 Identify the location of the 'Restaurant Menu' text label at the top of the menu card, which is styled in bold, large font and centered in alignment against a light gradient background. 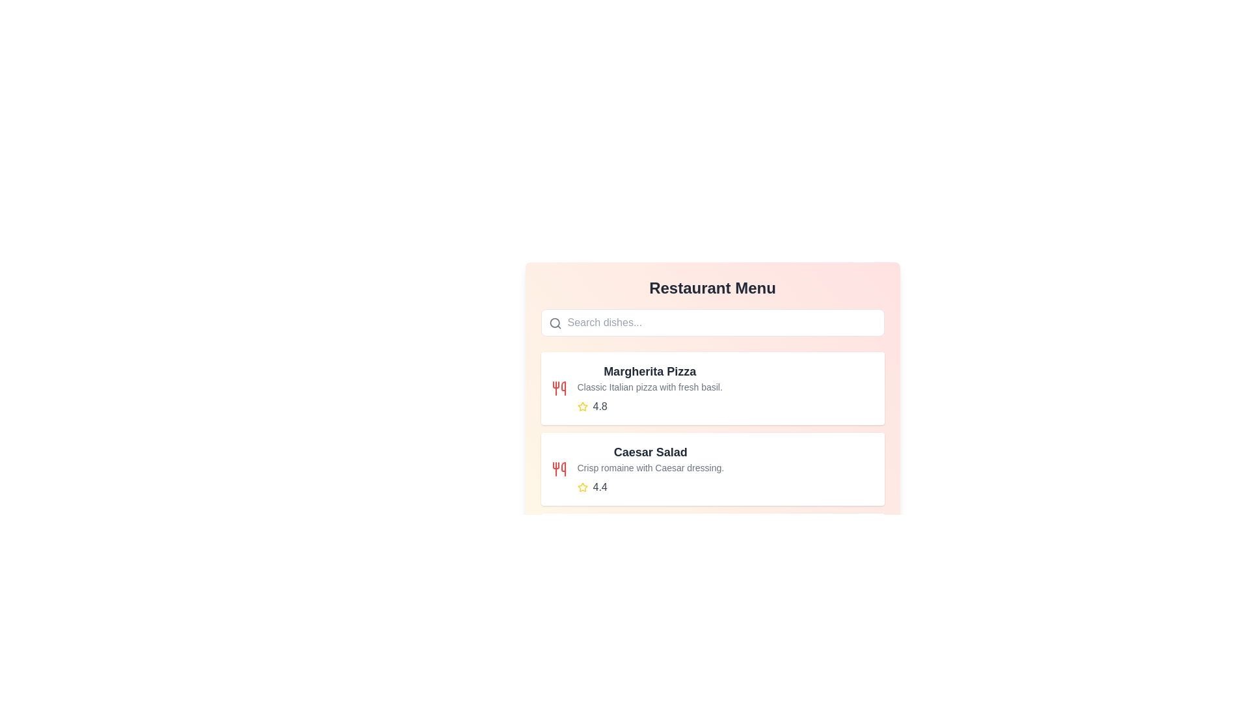
(712, 288).